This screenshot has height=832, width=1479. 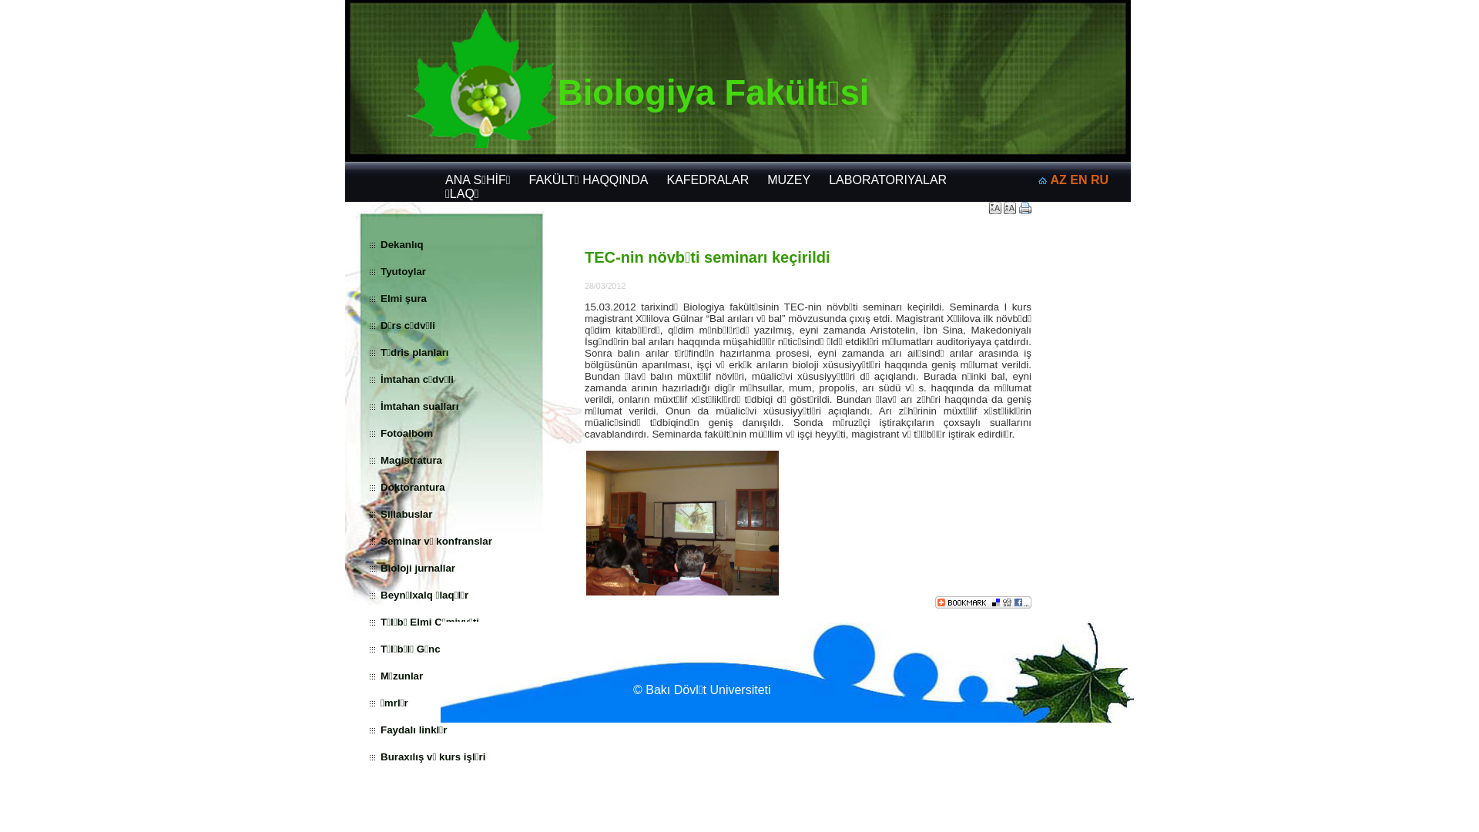 What do you see at coordinates (1078, 179) in the screenshot?
I see `'EN'` at bounding box center [1078, 179].